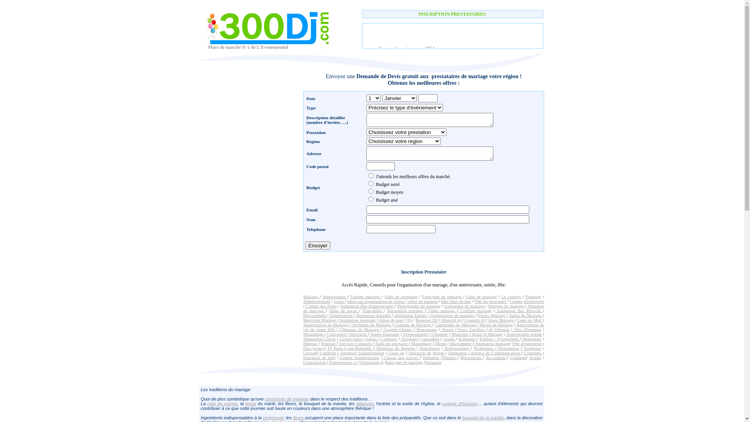 The height and width of the screenshot is (422, 750). Describe the element at coordinates (397, 306) in the screenshot. I see `'Photographe de mariage'` at that location.